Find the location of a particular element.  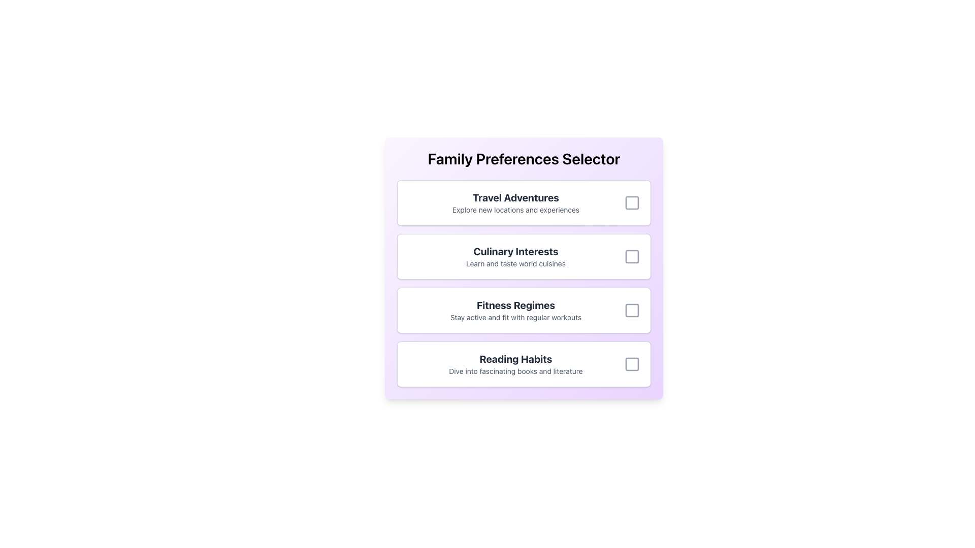

the 'Reading Habits' text label, which contains a bold title and a descriptive line, positioned in the 'Family Preferences Selector' section is located at coordinates (516, 363).